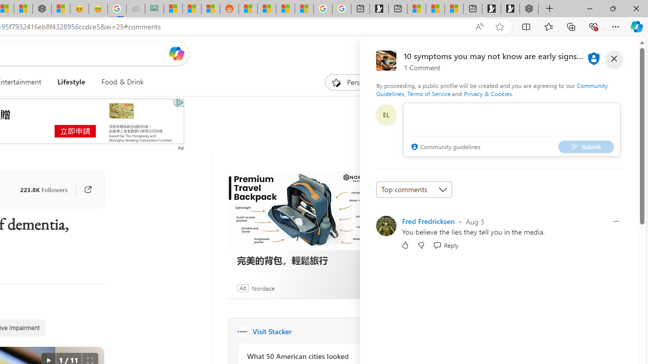  Describe the element at coordinates (176, 53) in the screenshot. I see `'Open Copilot'` at that location.